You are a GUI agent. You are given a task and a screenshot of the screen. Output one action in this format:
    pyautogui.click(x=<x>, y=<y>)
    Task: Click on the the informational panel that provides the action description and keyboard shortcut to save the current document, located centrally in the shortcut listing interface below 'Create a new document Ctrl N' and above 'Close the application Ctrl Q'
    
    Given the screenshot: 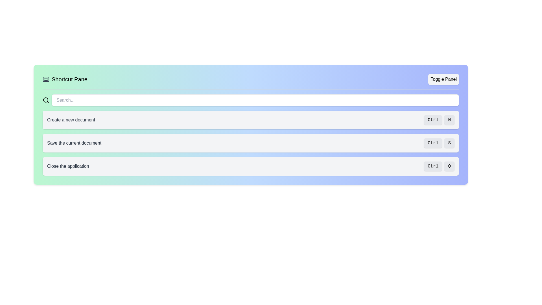 What is the action you would take?
    pyautogui.click(x=250, y=143)
    